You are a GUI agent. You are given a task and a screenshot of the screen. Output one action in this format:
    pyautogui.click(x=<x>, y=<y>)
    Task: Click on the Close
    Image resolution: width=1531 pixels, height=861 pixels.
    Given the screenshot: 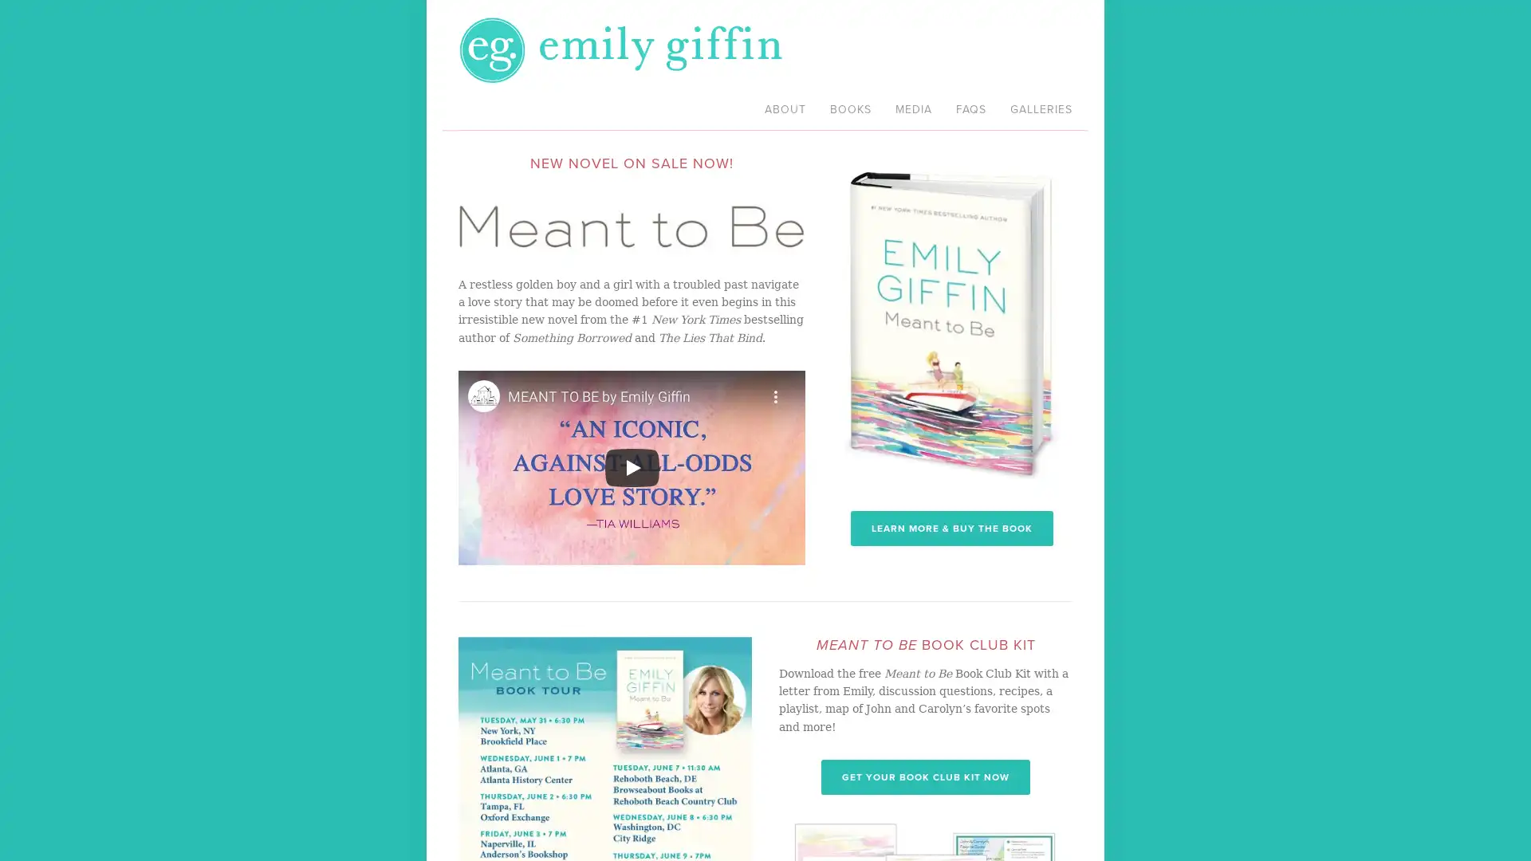 What is the action you would take?
    pyautogui.click(x=994, y=292)
    